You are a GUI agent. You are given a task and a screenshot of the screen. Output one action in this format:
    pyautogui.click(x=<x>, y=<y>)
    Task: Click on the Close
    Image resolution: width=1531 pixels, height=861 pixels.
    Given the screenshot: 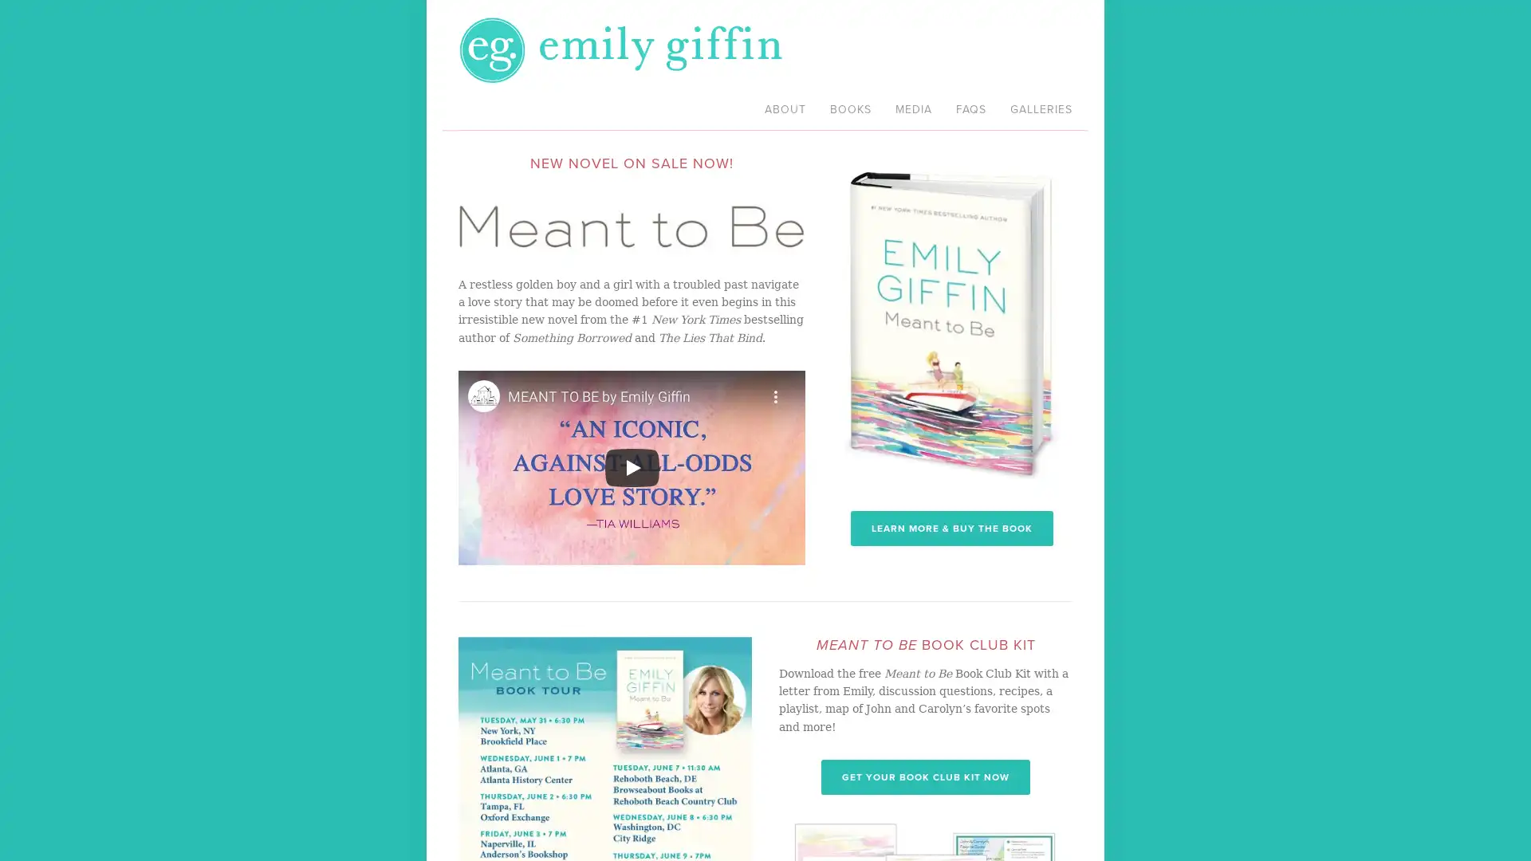 What is the action you would take?
    pyautogui.click(x=994, y=292)
    